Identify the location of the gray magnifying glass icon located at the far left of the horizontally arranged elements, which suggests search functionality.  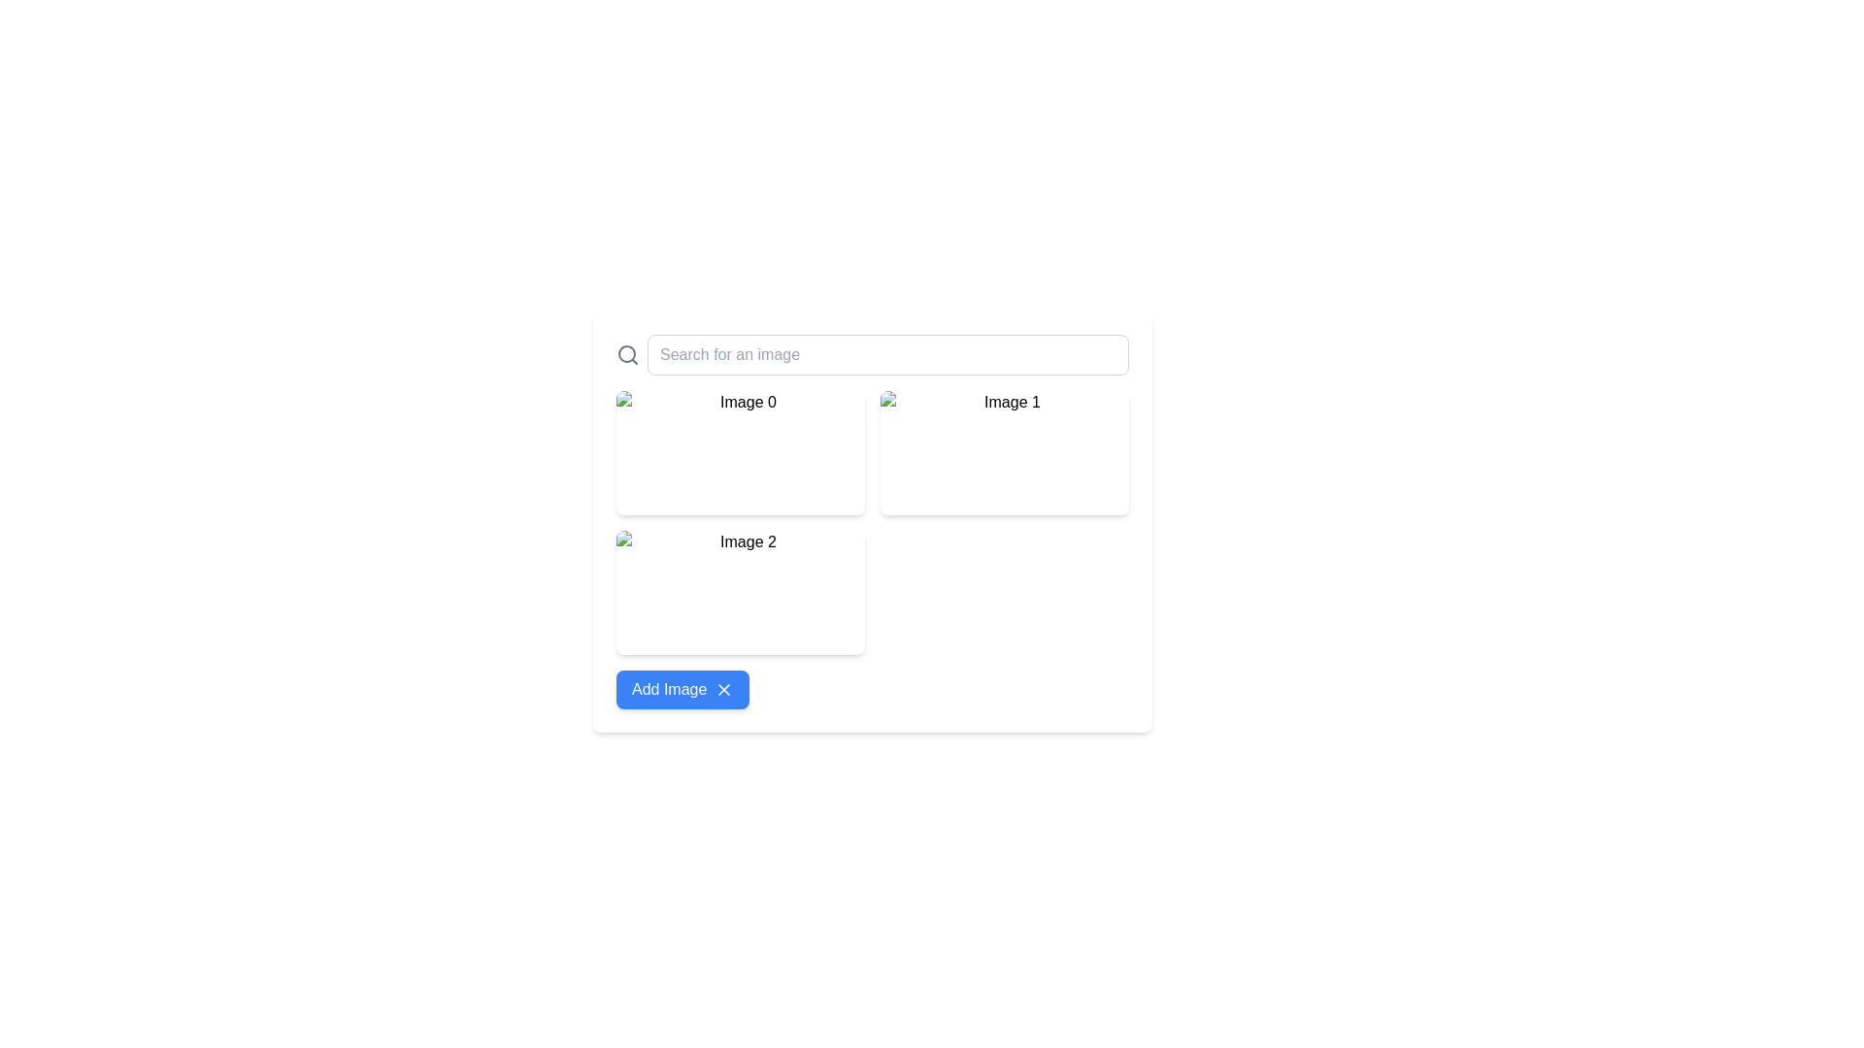
(628, 355).